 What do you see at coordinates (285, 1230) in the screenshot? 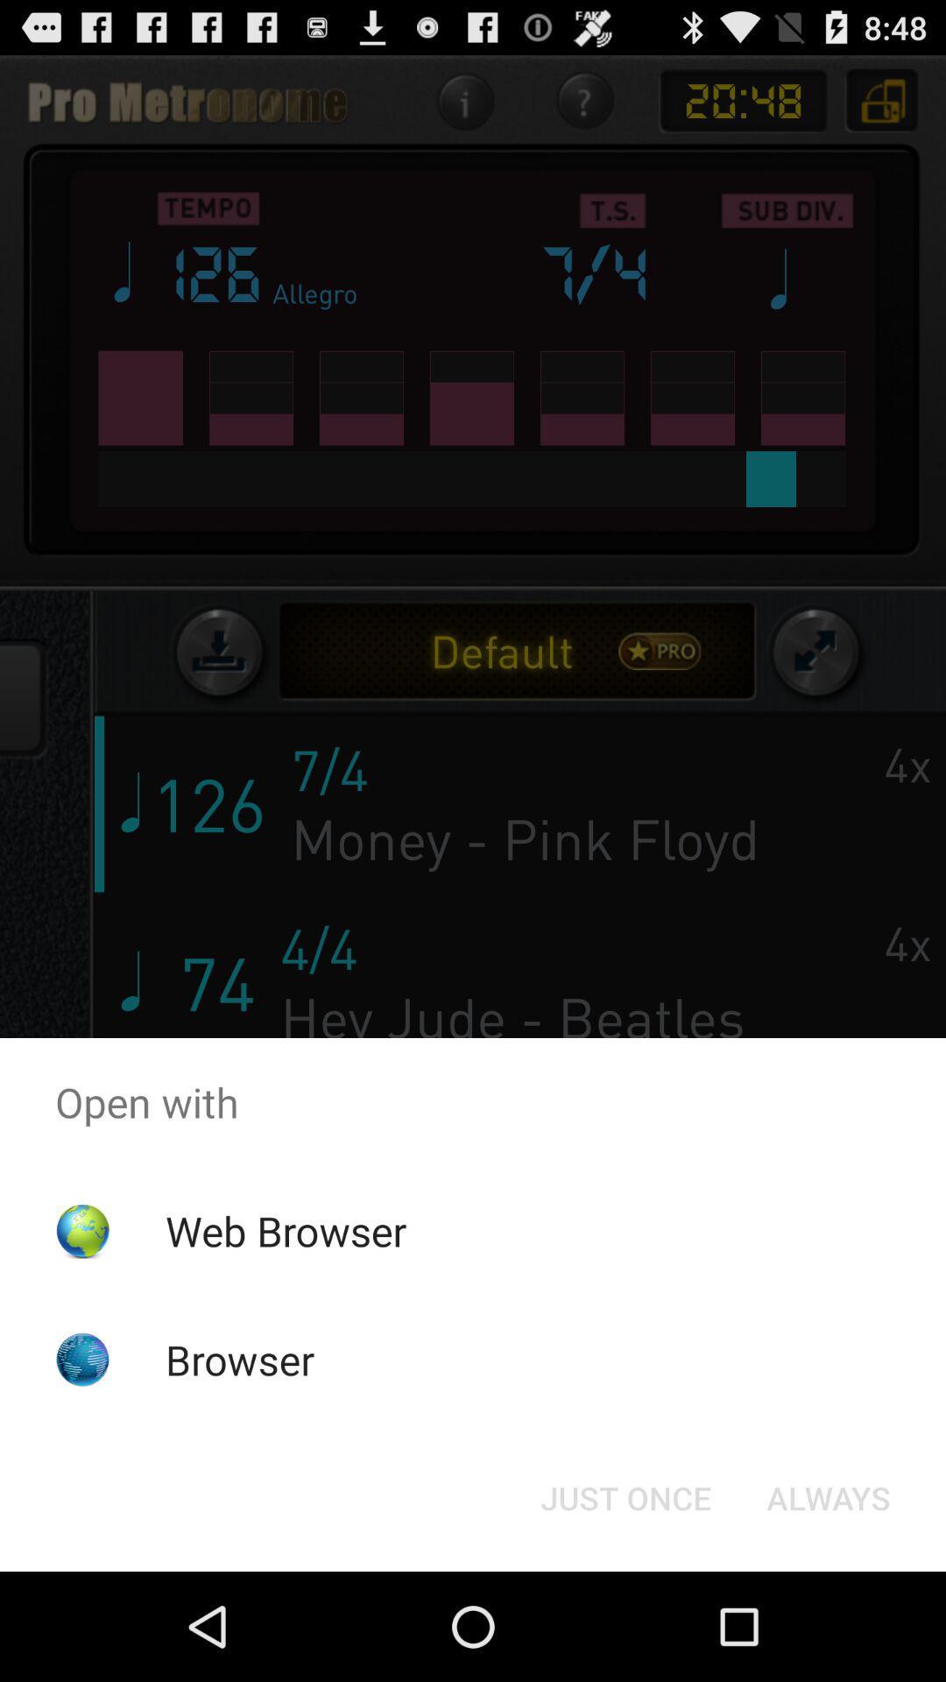
I see `web browser icon` at bounding box center [285, 1230].